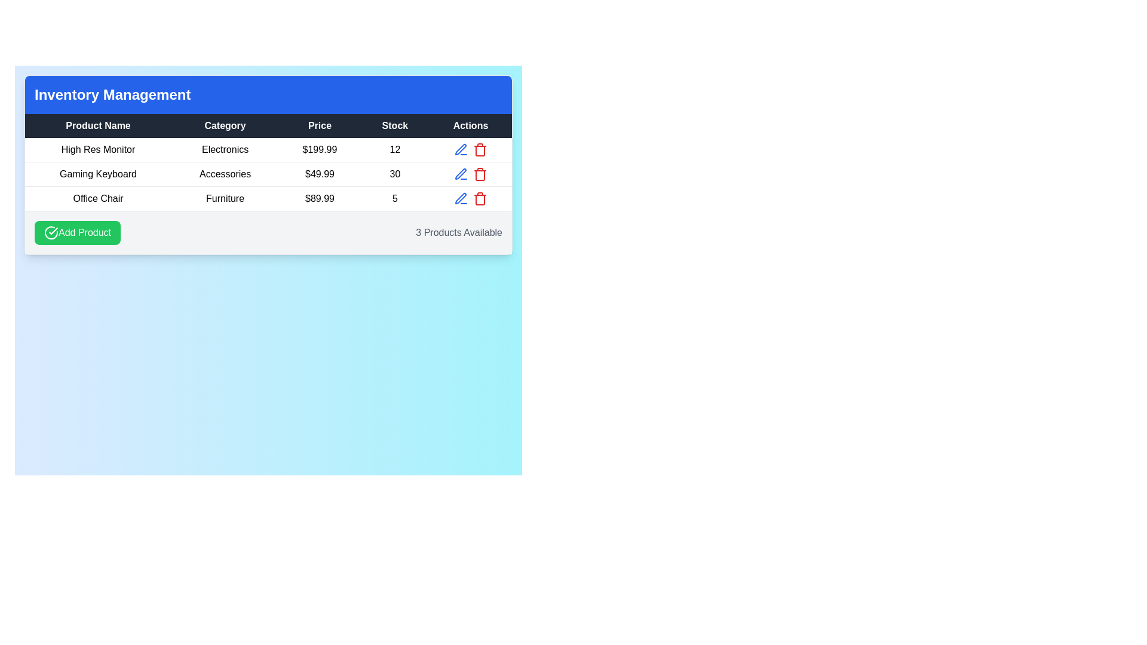  What do you see at coordinates (225, 198) in the screenshot?
I see `the text label displaying 'Furniture' in black, which is the second cell in the 'Category' column of the table, located between 'Office Chair' and '$89.99'` at bounding box center [225, 198].